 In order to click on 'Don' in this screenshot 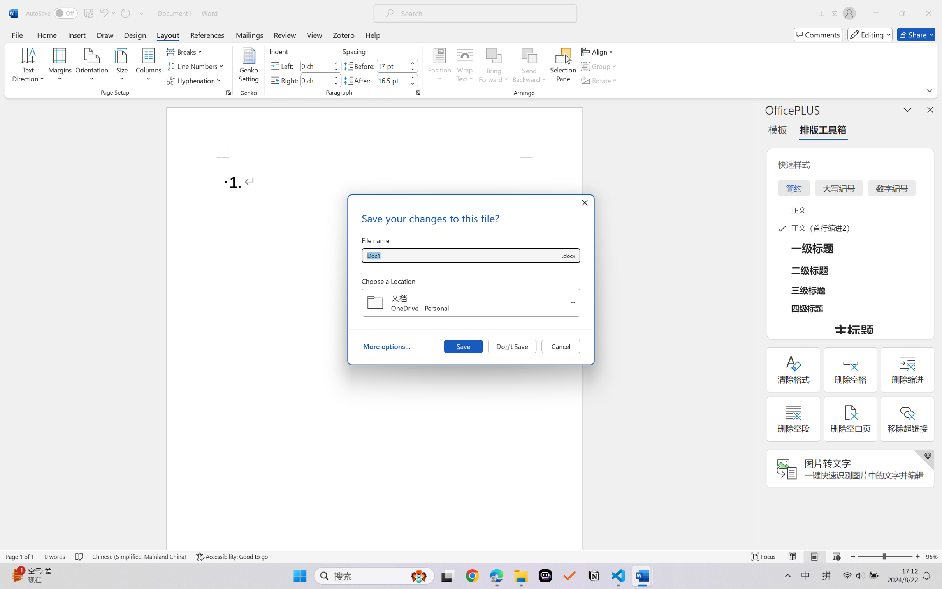, I will do `click(512, 346)`.